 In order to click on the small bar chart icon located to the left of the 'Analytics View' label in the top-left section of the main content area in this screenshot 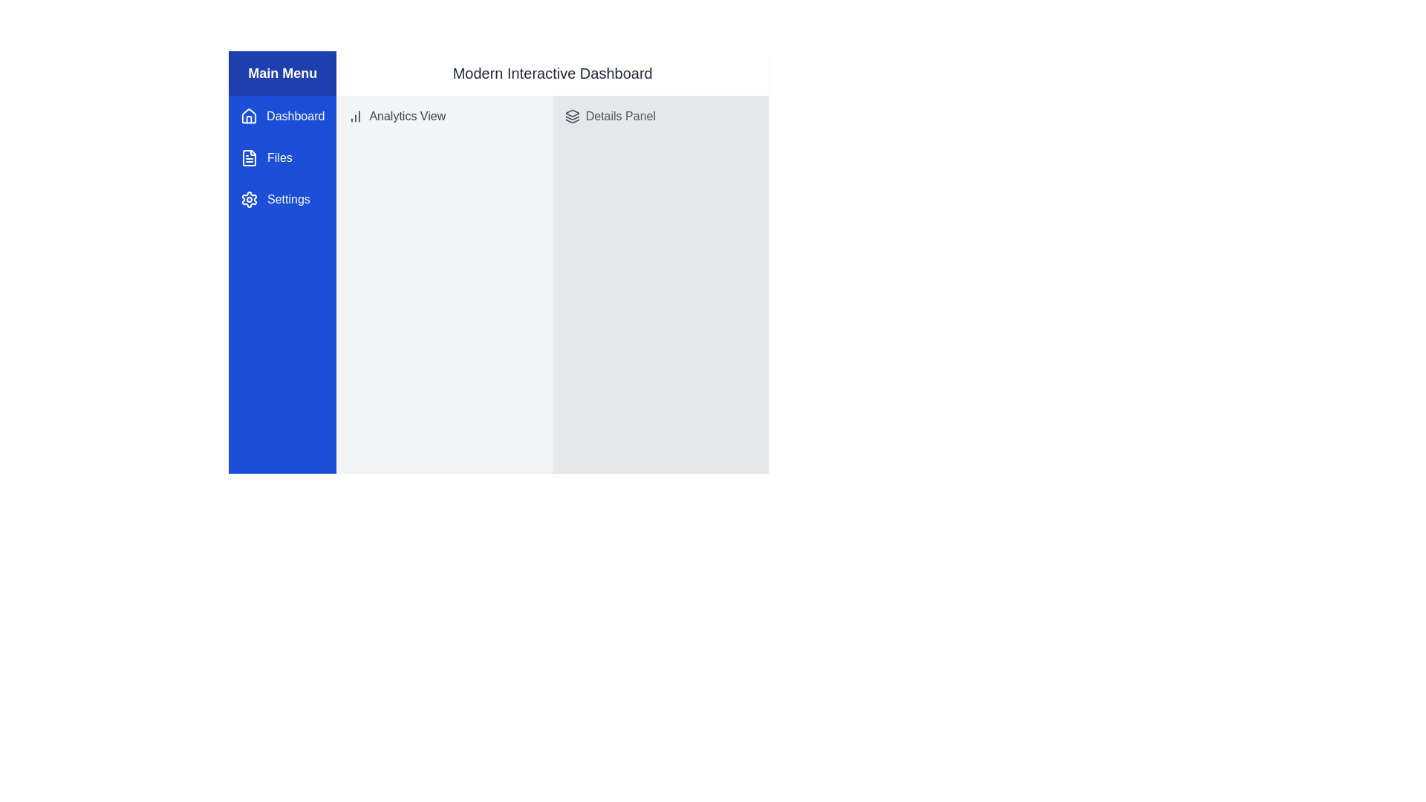, I will do `click(355, 116)`.